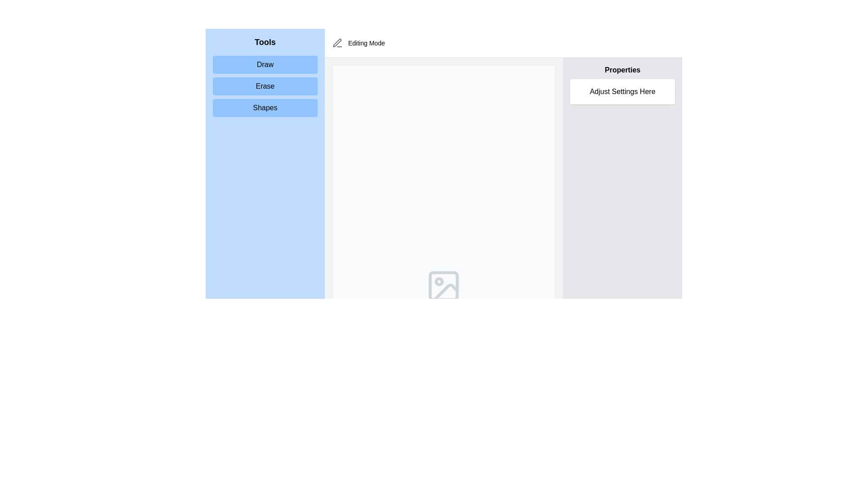 The width and height of the screenshot is (864, 486). I want to click on the Text Label that displays 'Adjust Settings Here', which is a rectangular white box with rounded corners located in the 'Properties' section, so click(622, 92).